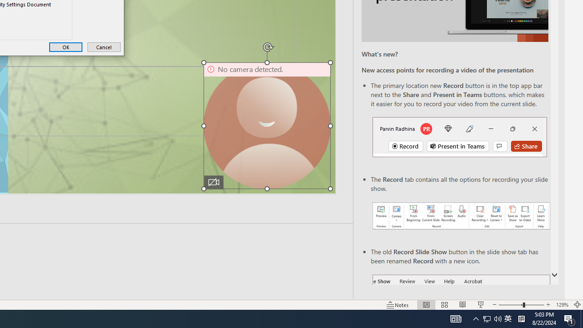 This screenshot has width=583, height=328. What do you see at coordinates (266, 126) in the screenshot?
I see `'Camera 9, No camera detected.'` at bounding box center [266, 126].